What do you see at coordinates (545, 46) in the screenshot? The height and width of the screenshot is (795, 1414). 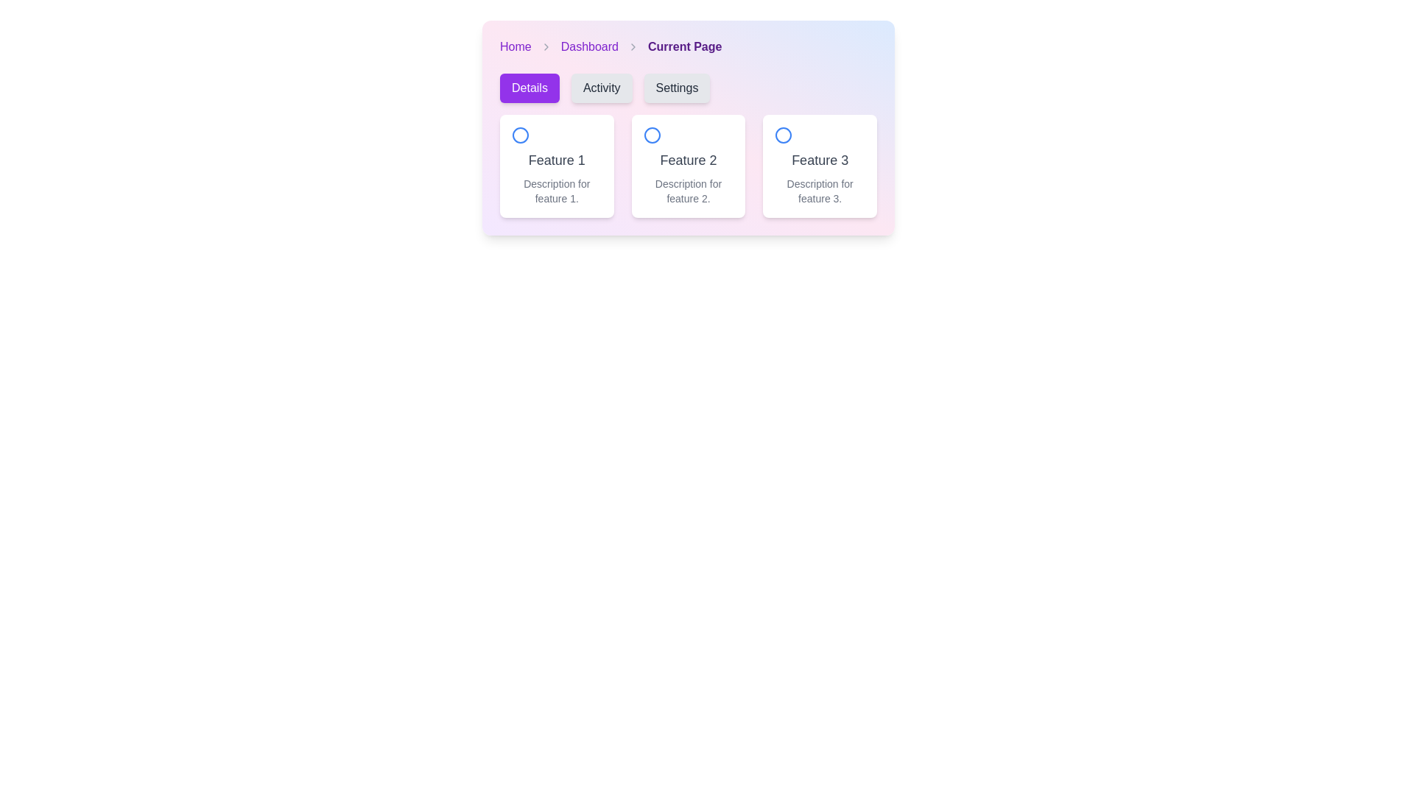 I see `the breadcrumb icon that represents the hierarchical relationship between 'Home' and 'Dashboard' in the upper section of the application` at bounding box center [545, 46].